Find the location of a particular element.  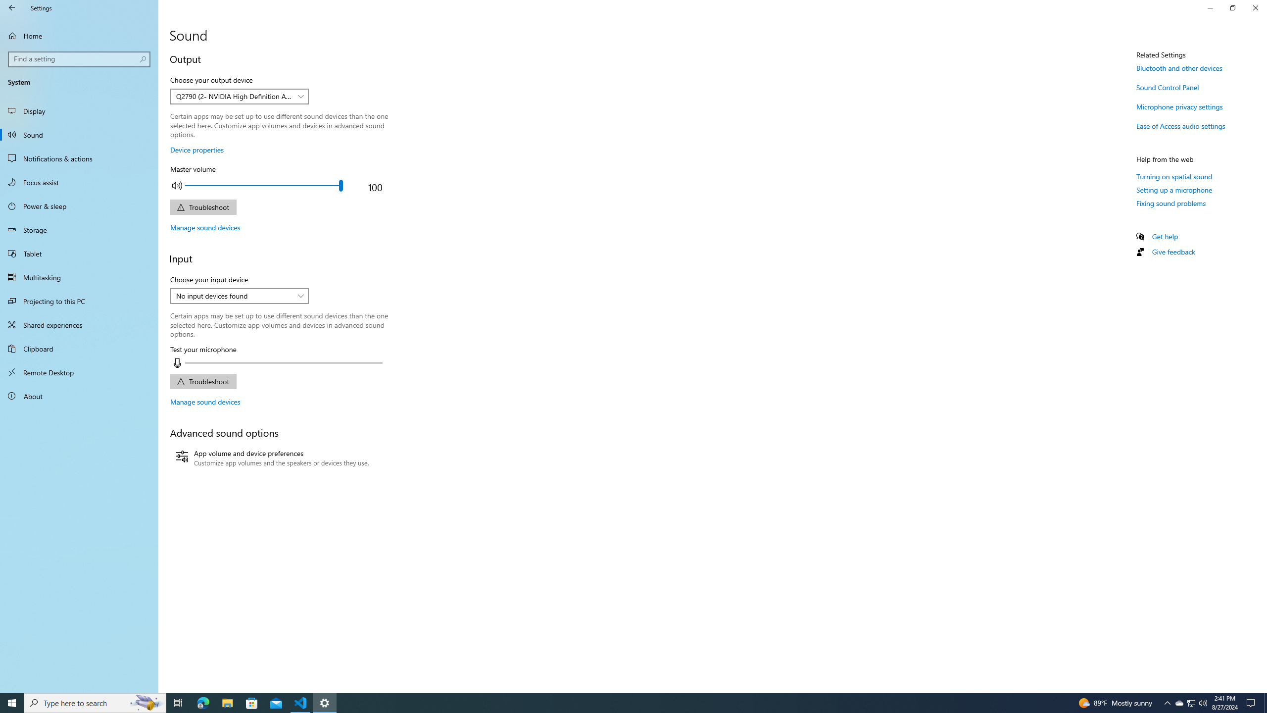

'Device properties' is located at coordinates (197, 150).